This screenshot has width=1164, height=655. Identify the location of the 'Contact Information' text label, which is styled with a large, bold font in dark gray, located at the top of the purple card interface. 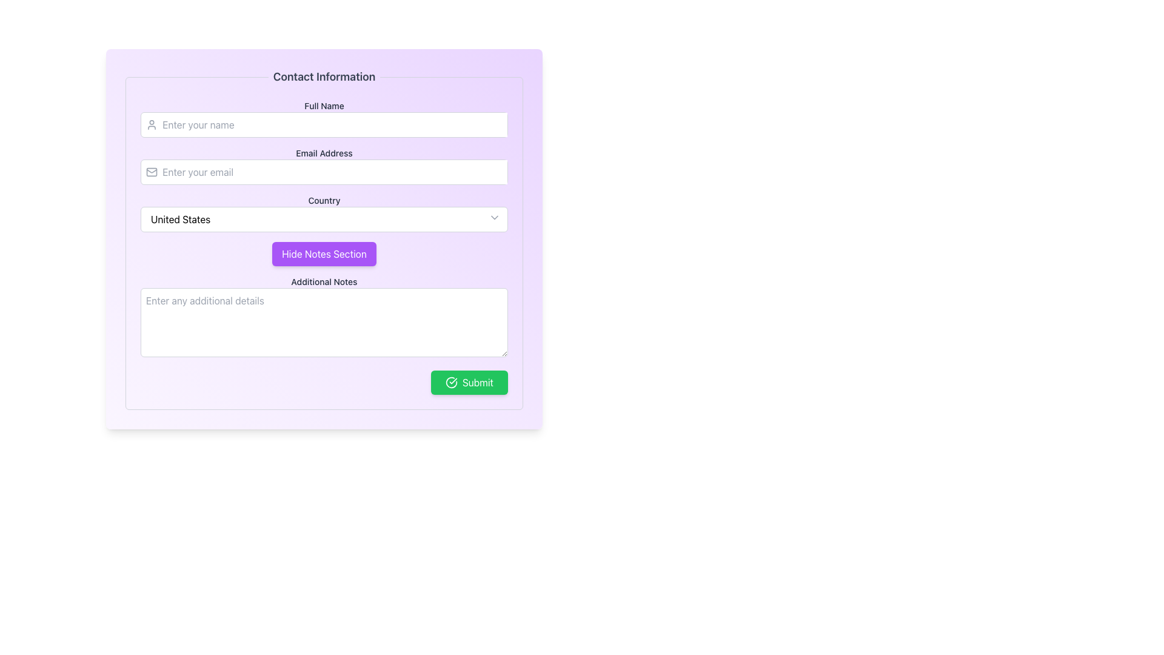
(324, 77).